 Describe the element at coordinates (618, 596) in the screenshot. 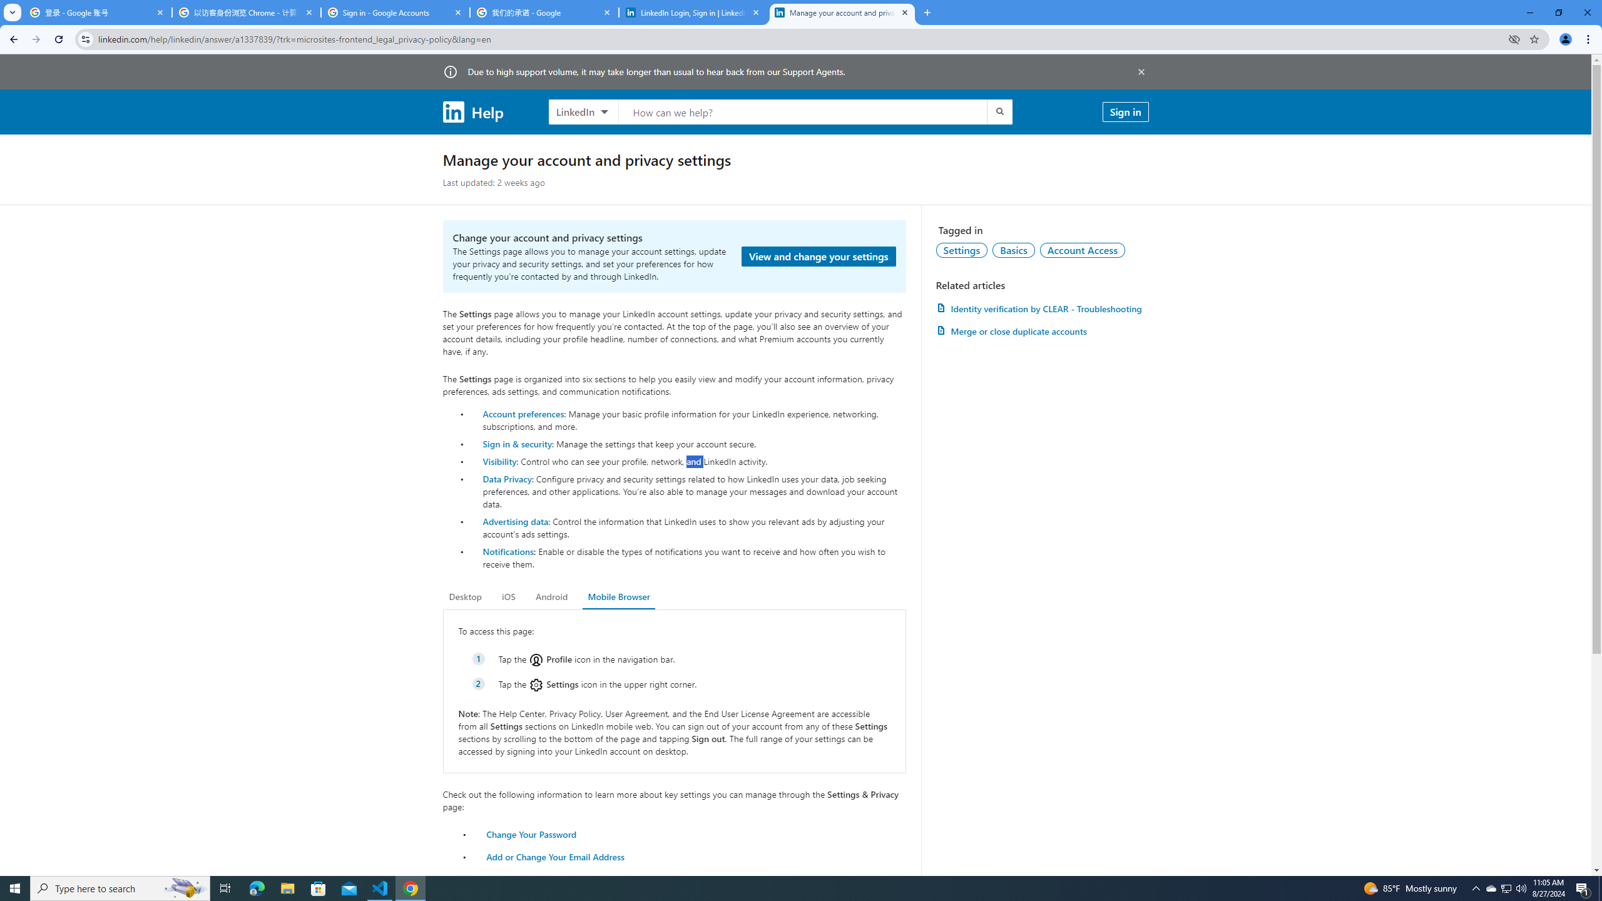

I see `'Mobile Browser'` at that location.